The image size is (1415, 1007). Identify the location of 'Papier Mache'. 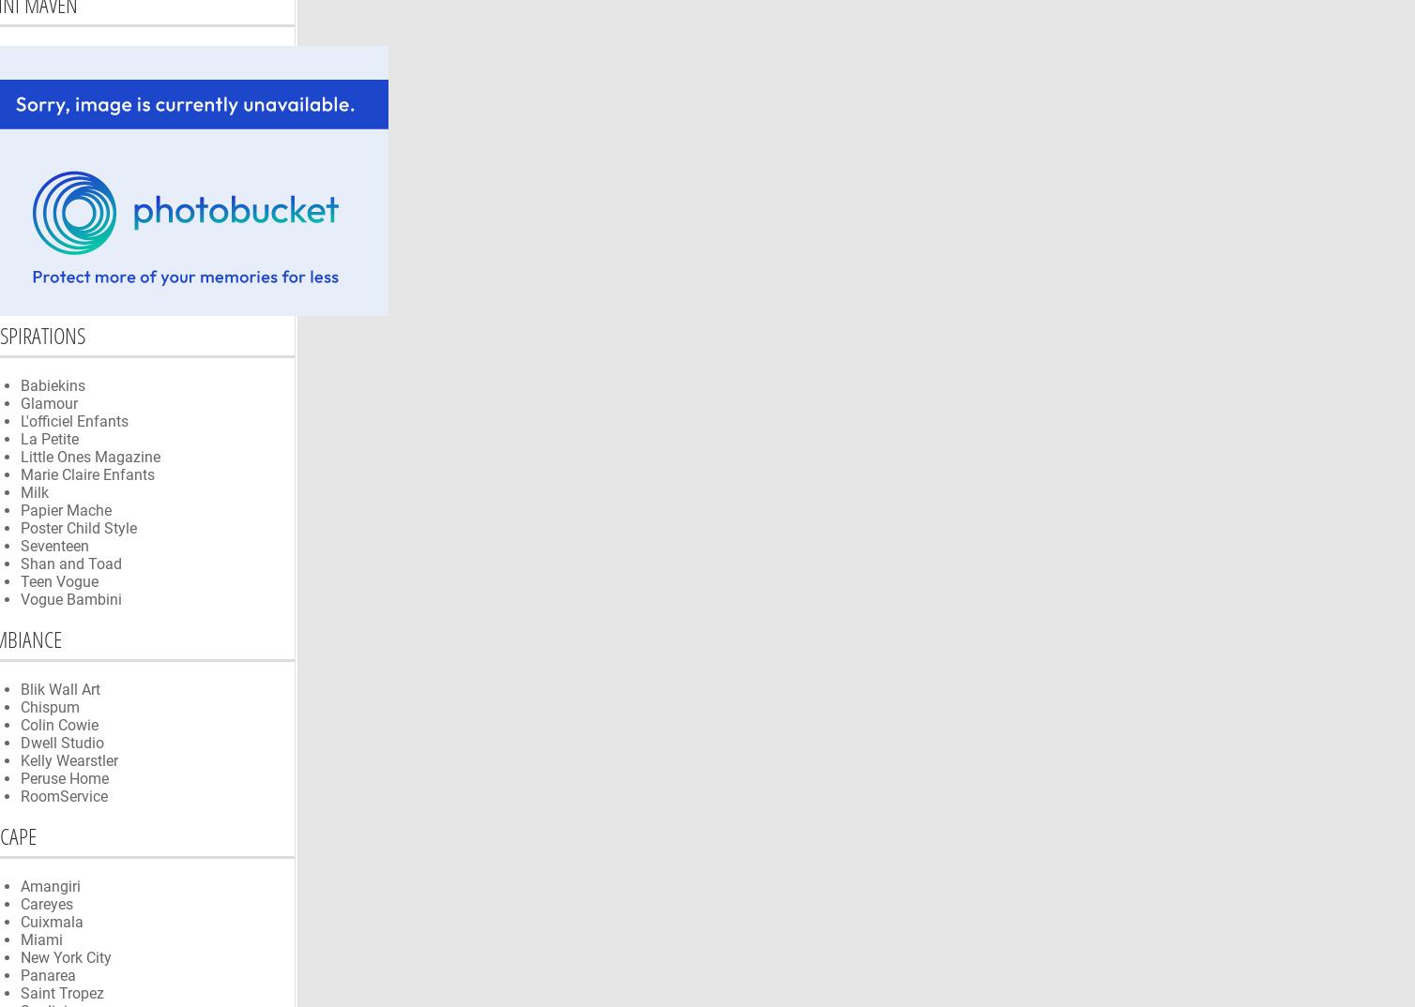
(21, 508).